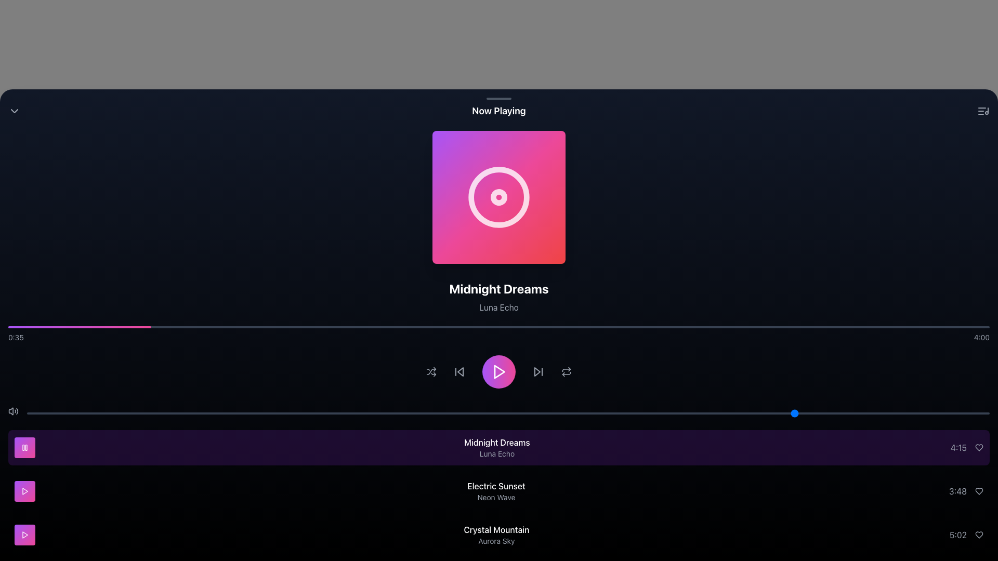  What do you see at coordinates (575, 412) in the screenshot?
I see `the slider value` at bounding box center [575, 412].